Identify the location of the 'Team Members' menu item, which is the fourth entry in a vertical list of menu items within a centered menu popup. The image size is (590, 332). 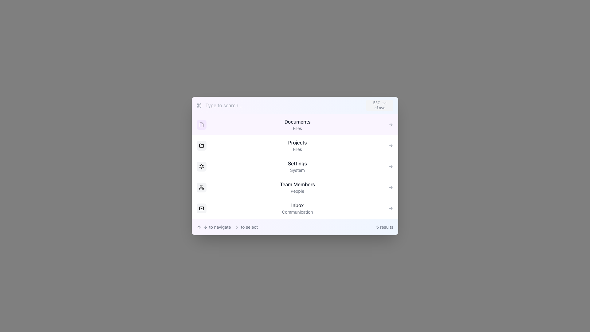
(297, 187).